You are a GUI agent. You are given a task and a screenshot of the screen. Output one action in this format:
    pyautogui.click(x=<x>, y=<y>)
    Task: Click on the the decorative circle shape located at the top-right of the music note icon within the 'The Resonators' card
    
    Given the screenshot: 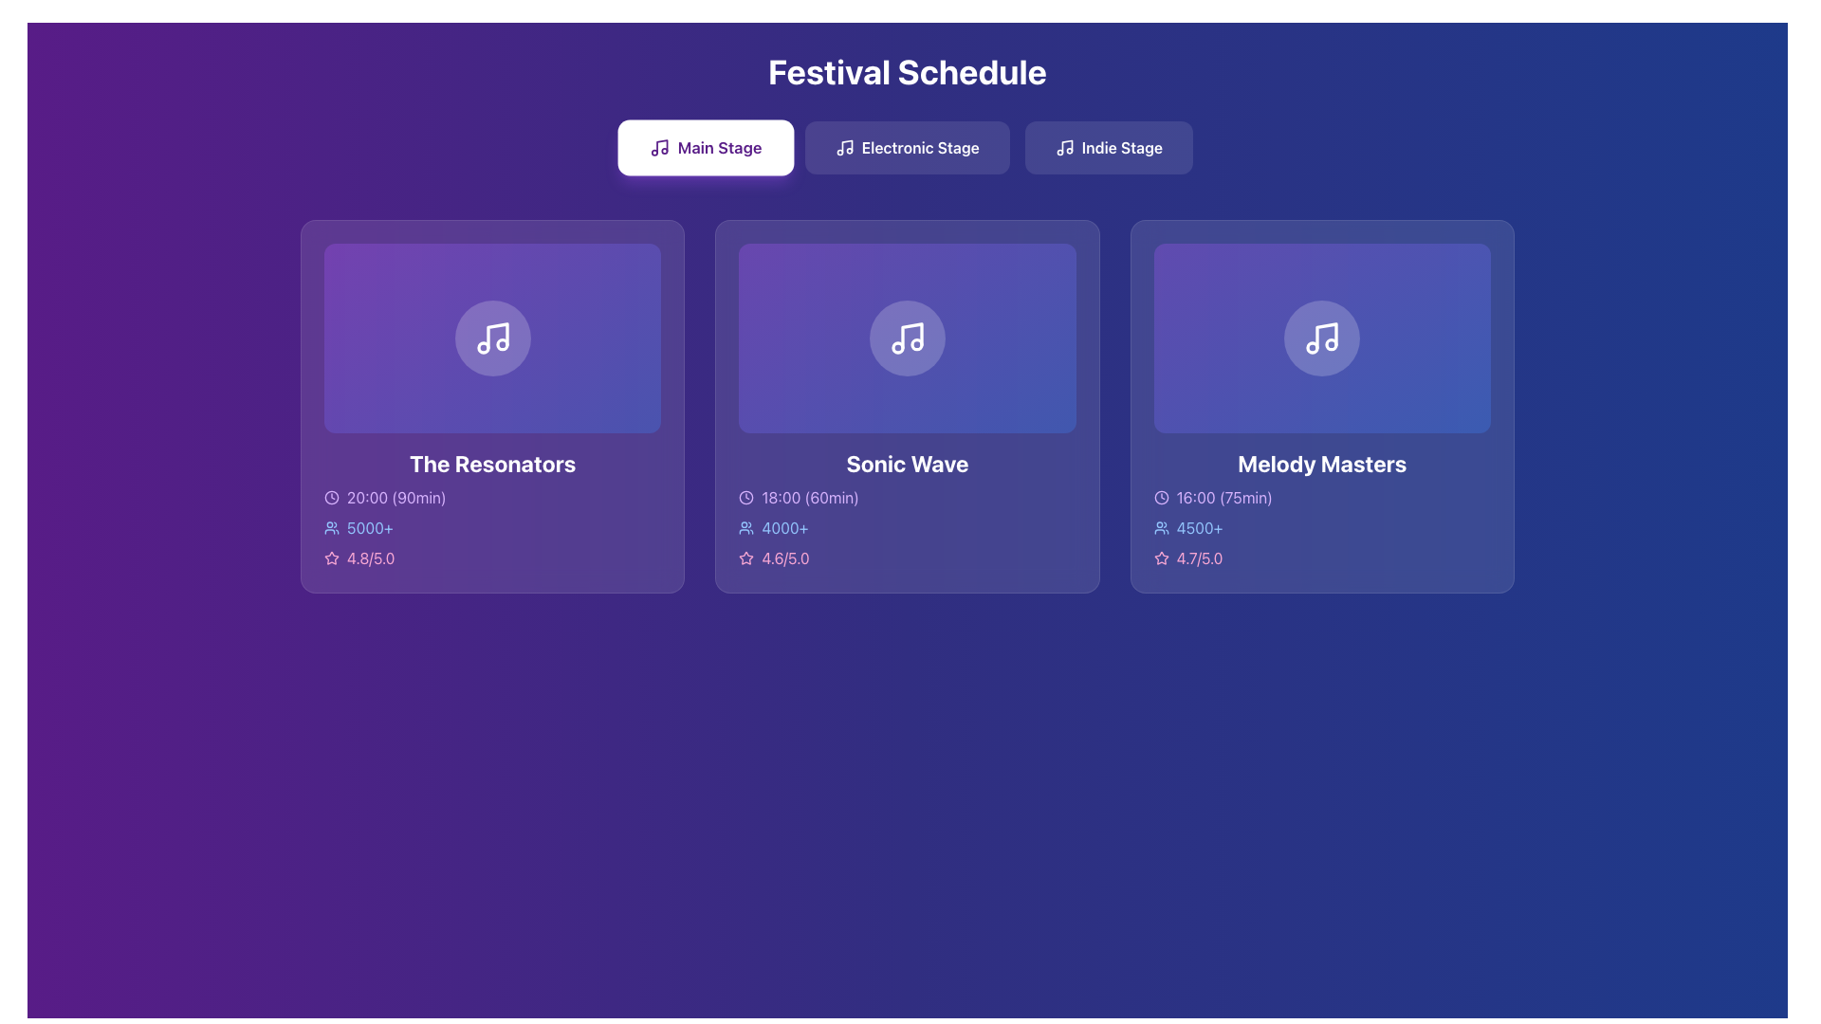 What is the action you would take?
    pyautogui.click(x=502, y=344)
    